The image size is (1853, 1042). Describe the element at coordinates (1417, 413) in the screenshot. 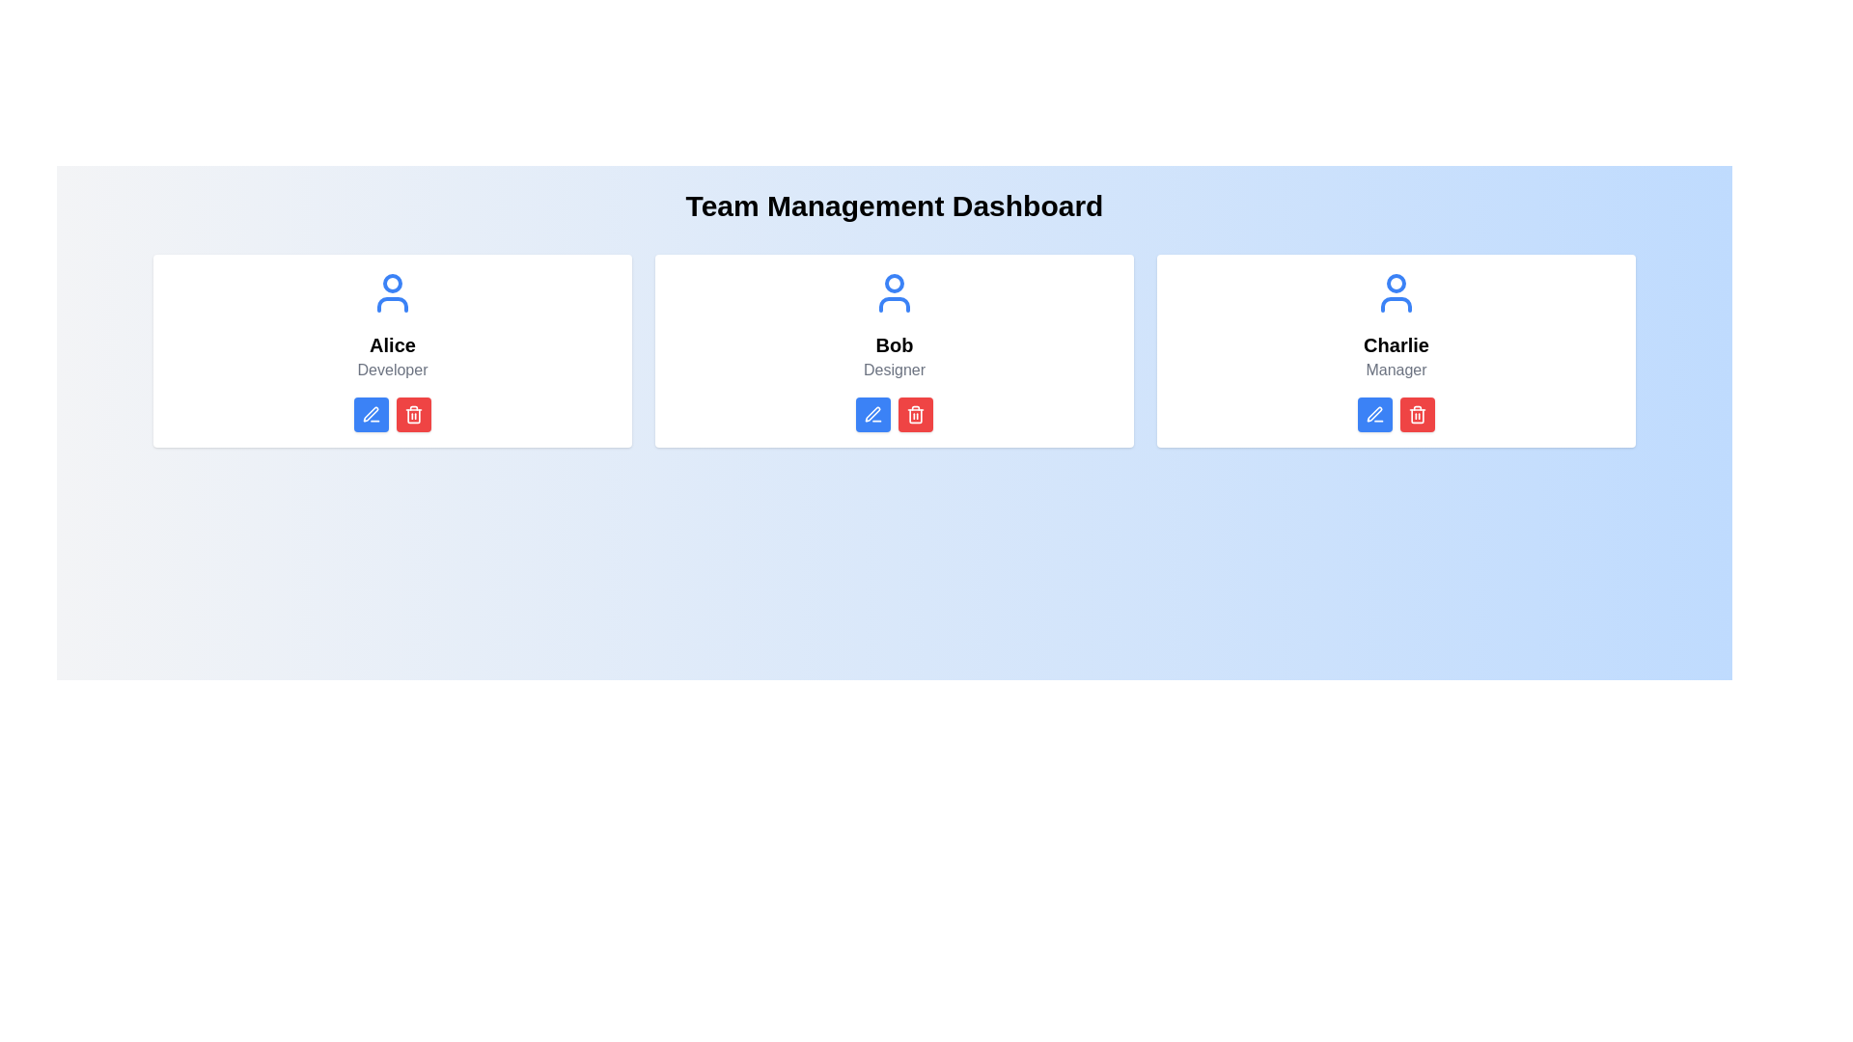

I see `the trash bin icon located within the red delete button on the third card labeled 'Charlie, Manager'` at that location.